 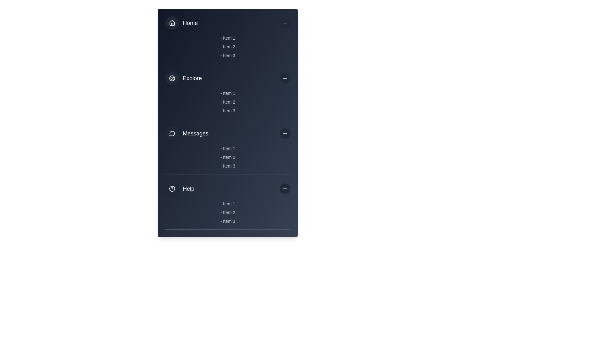 I want to click on the minus icon within the circular button at the top-right corner of the sidebar, so click(x=285, y=22).